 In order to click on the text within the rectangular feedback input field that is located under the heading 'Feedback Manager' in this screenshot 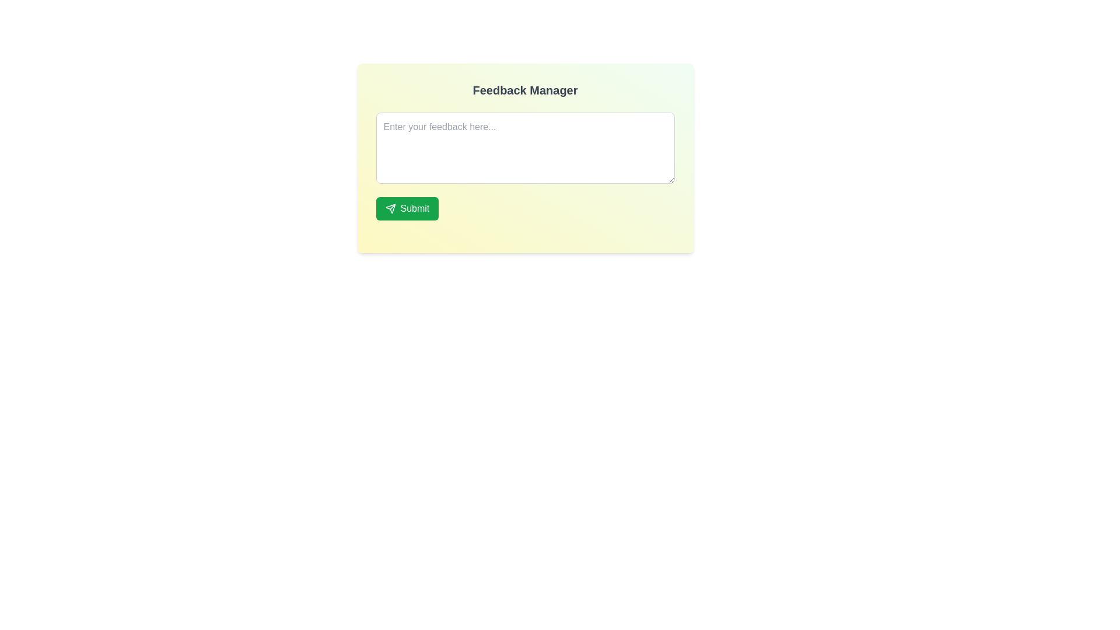, I will do `click(524, 158)`.